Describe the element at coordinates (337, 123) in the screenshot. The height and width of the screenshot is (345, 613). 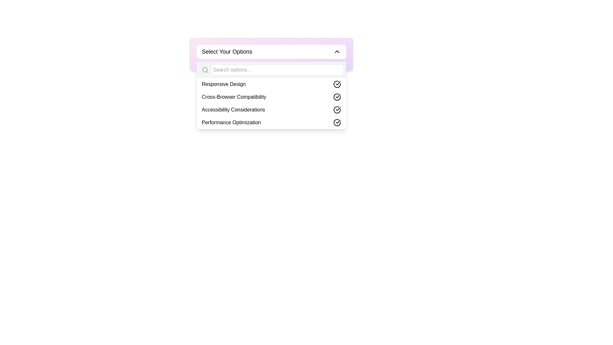
I see `the circular checkmark icon next to the text 'Performance Optimization'` at that location.